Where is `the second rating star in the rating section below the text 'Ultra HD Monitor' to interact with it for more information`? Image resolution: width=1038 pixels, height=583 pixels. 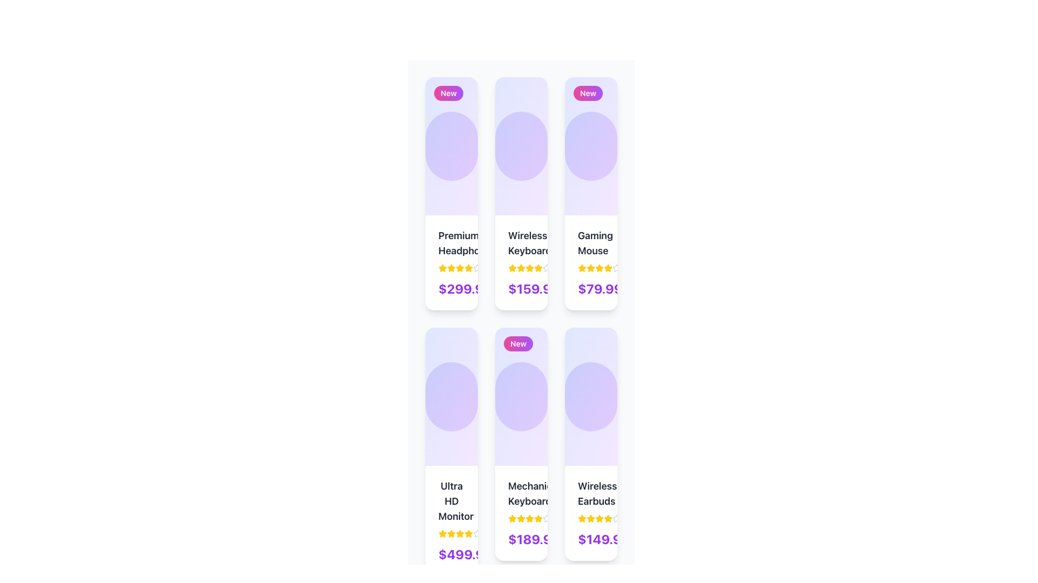
the second rating star in the rating section below the text 'Ultra HD Monitor' to interact with it for more information is located at coordinates (451, 533).